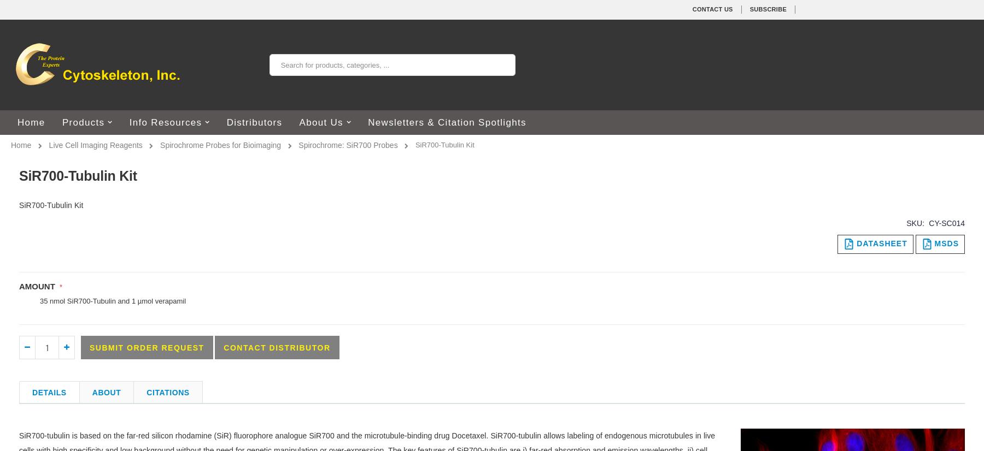 The height and width of the screenshot is (451, 984). What do you see at coordinates (146, 347) in the screenshot?
I see `'Submit Order Request'` at bounding box center [146, 347].